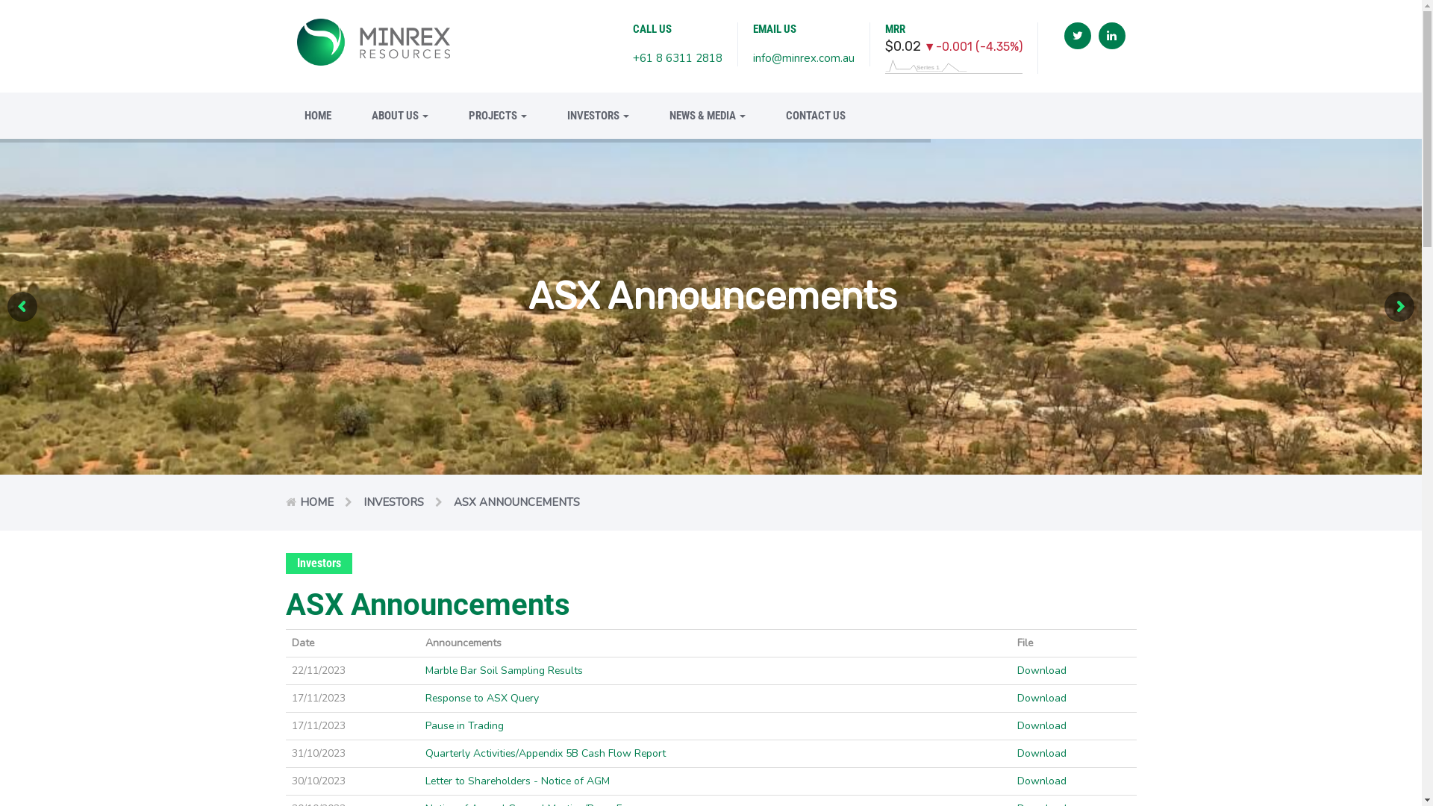 This screenshot has height=806, width=1433. What do you see at coordinates (399, 114) in the screenshot?
I see `'ABOUT US'` at bounding box center [399, 114].